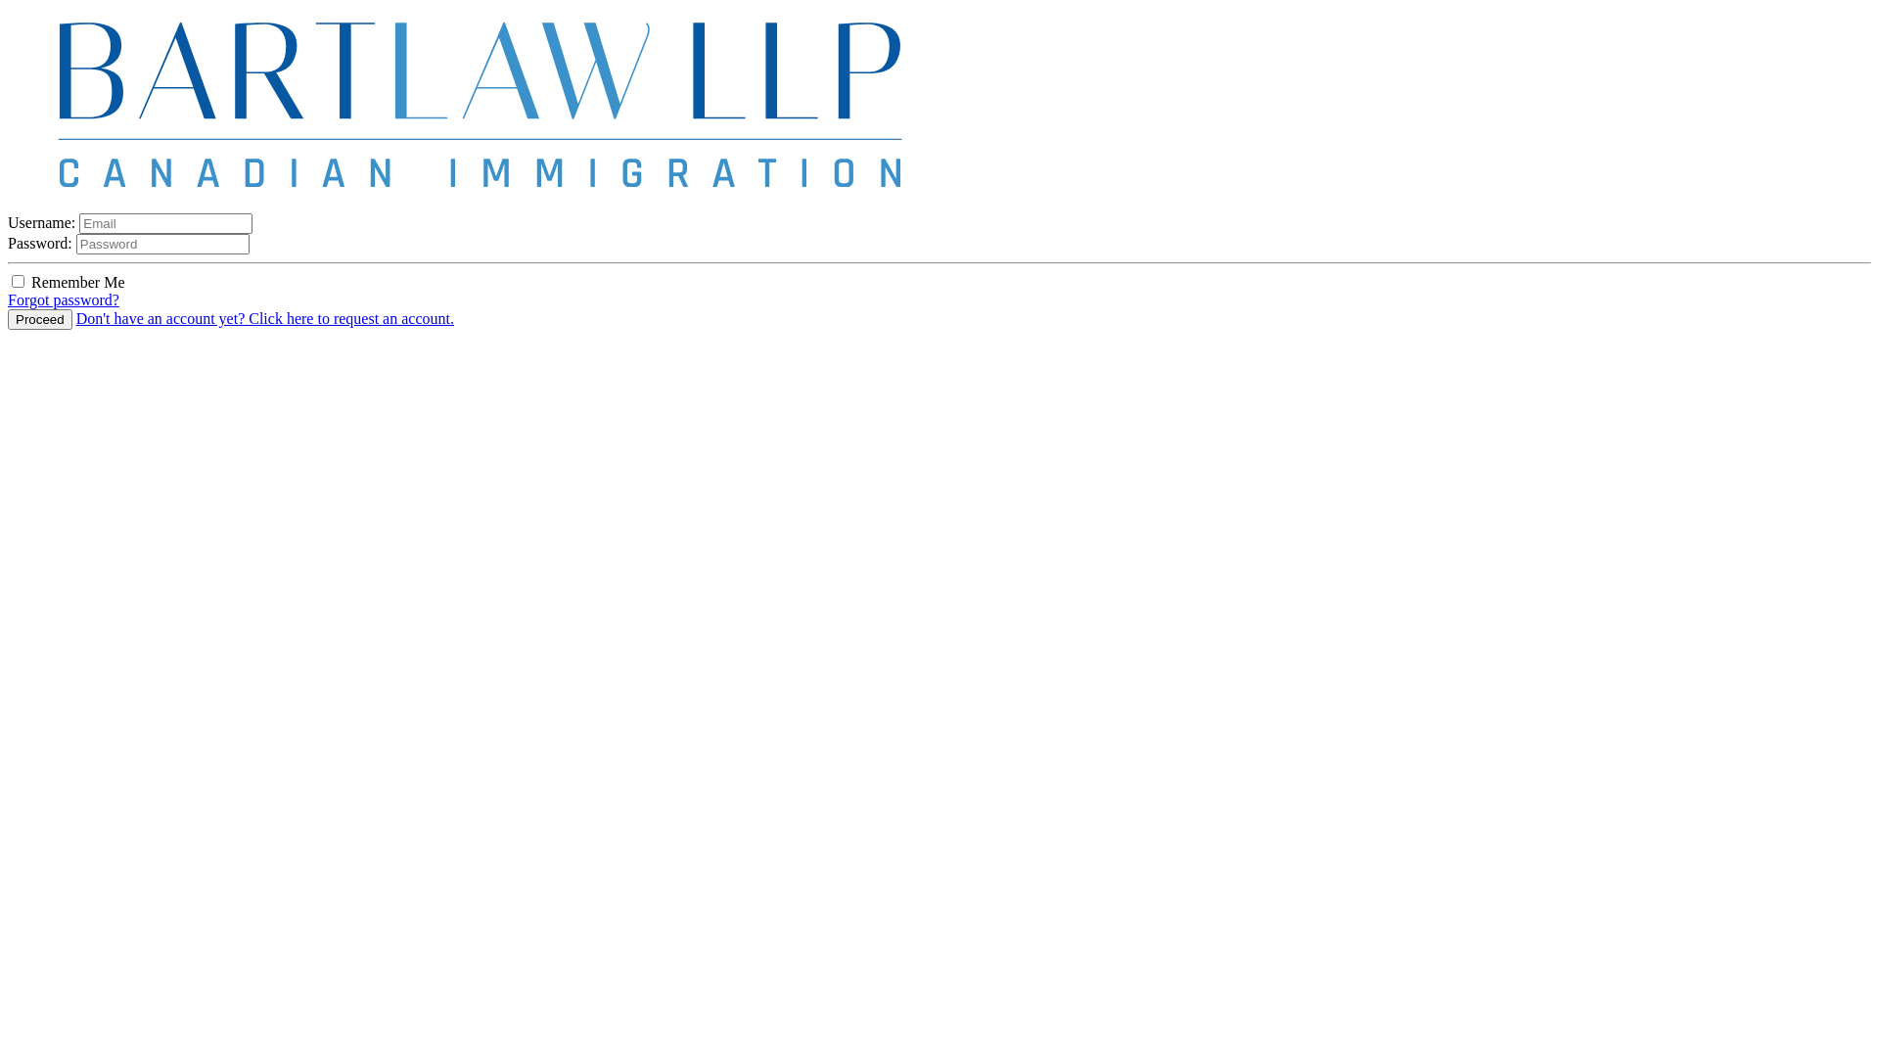 Image resolution: width=1879 pixels, height=1057 pixels. What do you see at coordinates (8, 299) in the screenshot?
I see `'Forgot password?'` at bounding box center [8, 299].